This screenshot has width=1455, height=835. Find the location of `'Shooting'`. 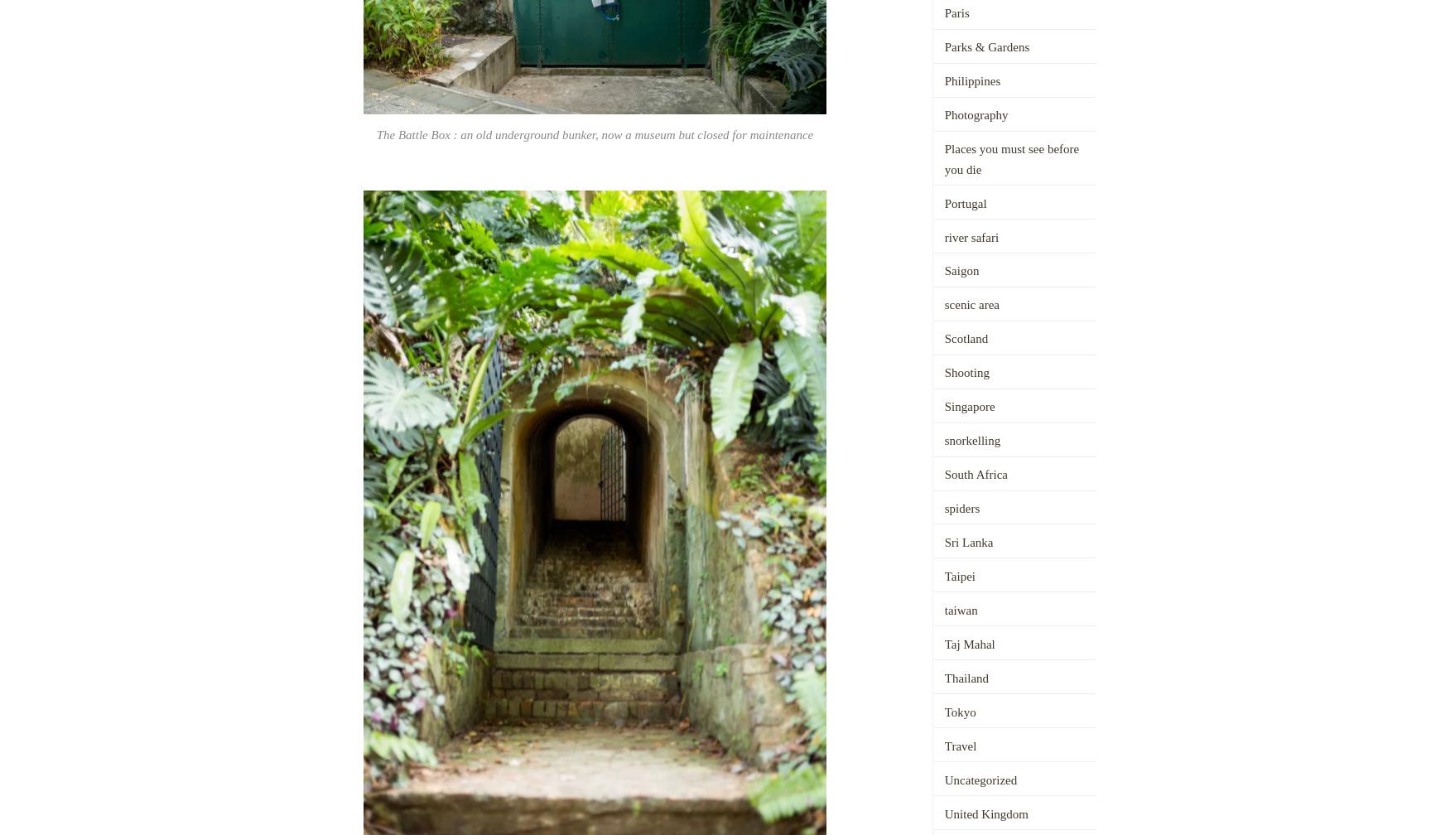

'Shooting' is located at coordinates (965, 372).